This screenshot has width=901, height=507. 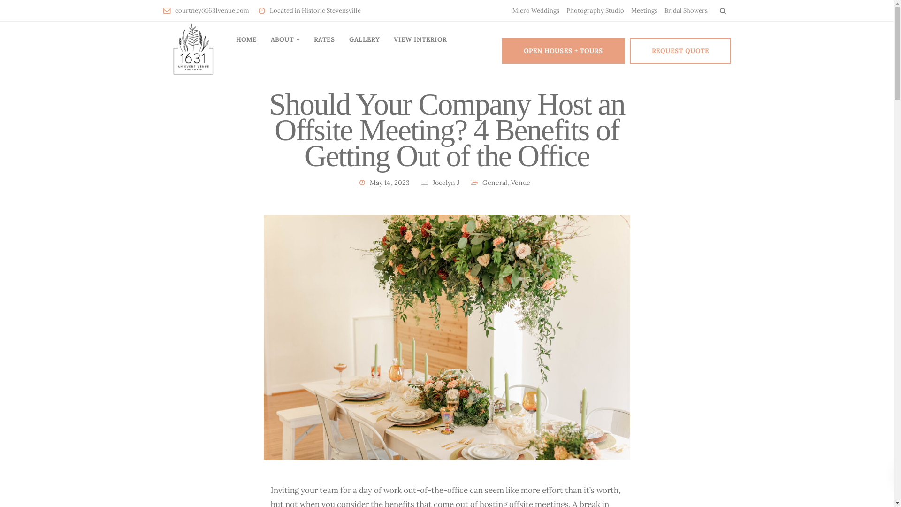 What do you see at coordinates (197, 223) in the screenshot?
I see `'Terms and conditions'` at bounding box center [197, 223].